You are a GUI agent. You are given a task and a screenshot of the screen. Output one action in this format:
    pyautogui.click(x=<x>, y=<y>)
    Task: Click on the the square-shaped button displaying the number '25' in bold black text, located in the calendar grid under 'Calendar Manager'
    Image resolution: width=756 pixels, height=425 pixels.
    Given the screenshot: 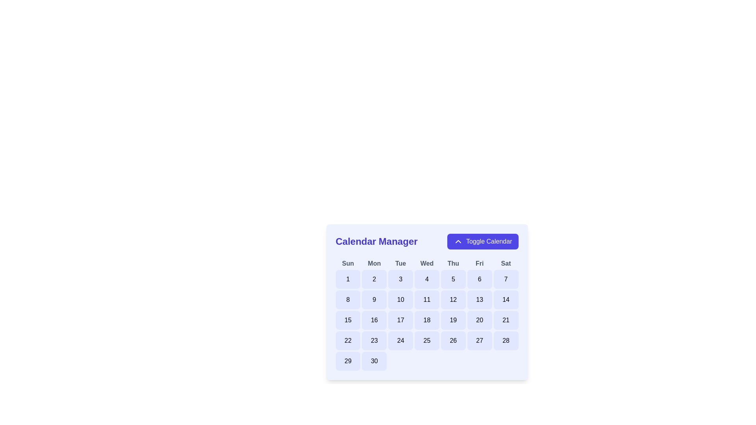 What is the action you would take?
    pyautogui.click(x=426, y=340)
    